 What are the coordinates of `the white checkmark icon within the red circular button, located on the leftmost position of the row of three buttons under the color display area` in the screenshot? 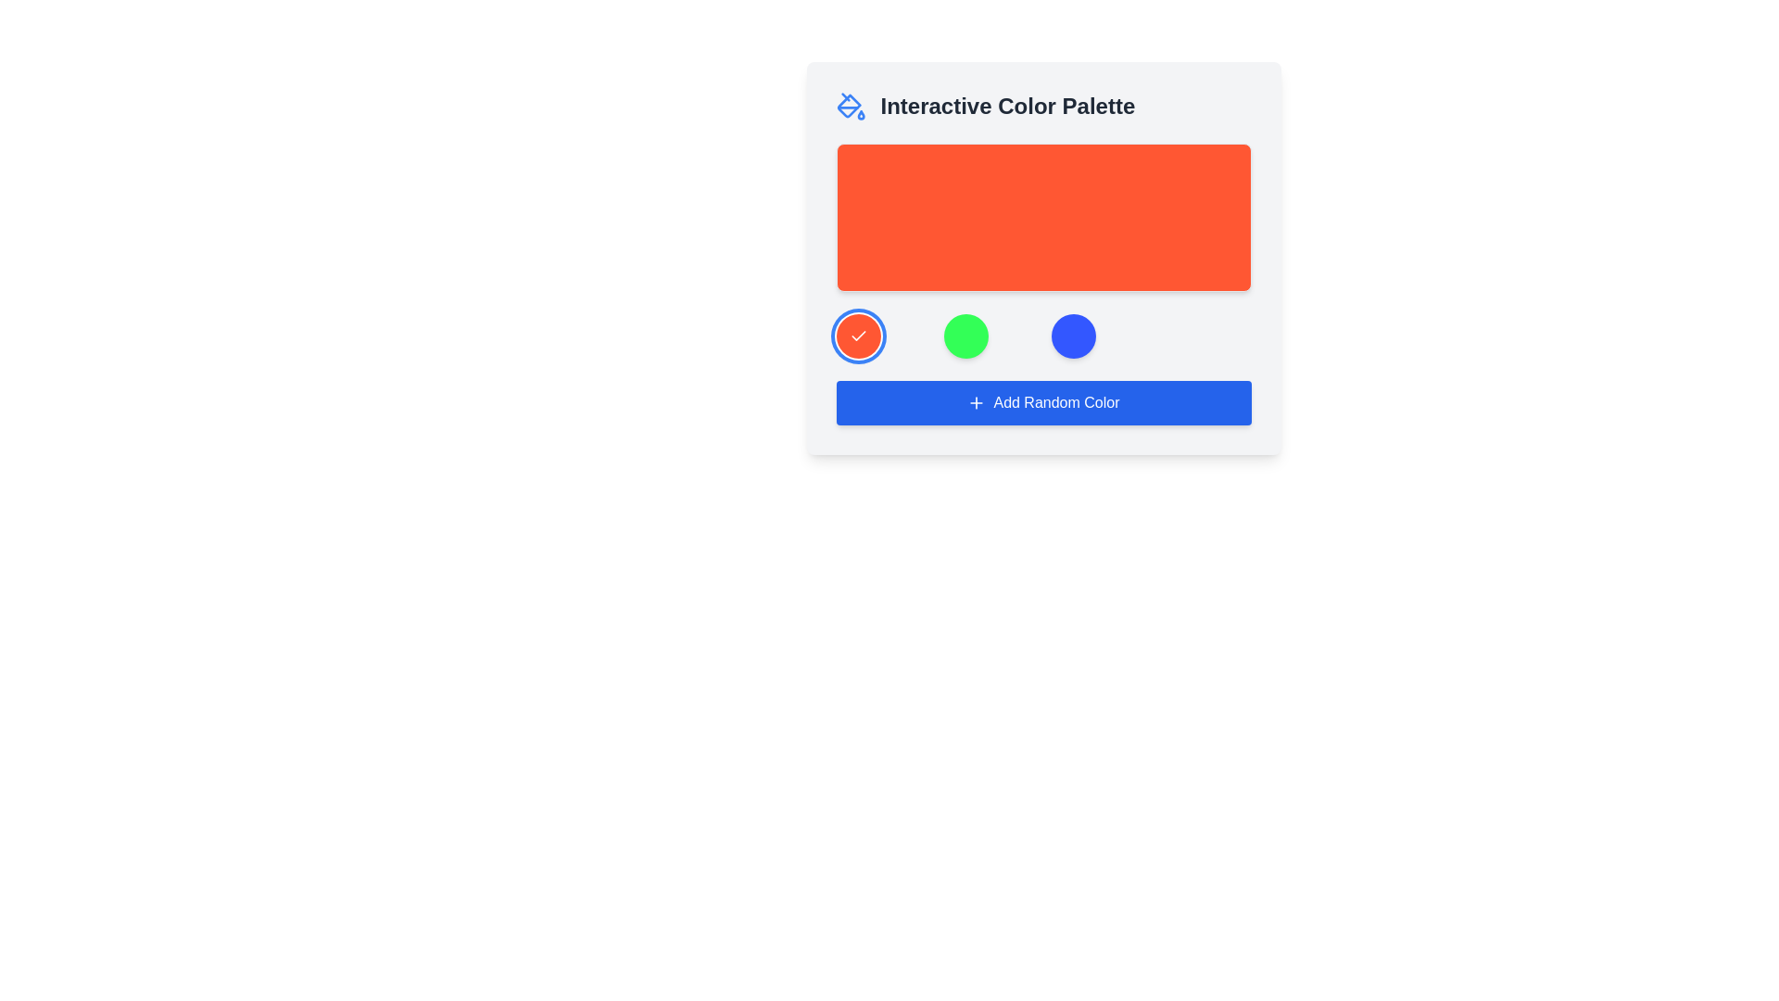 It's located at (857, 336).